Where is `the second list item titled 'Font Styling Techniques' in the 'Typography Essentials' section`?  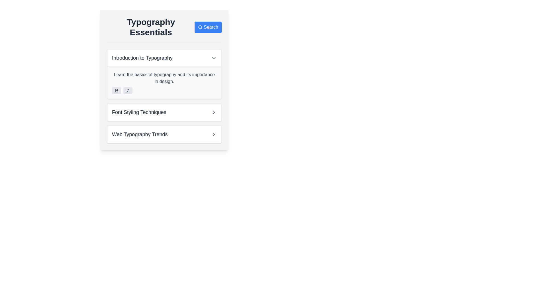 the second list item titled 'Font Styling Techniques' in the 'Typography Essentials' section is located at coordinates (164, 112).